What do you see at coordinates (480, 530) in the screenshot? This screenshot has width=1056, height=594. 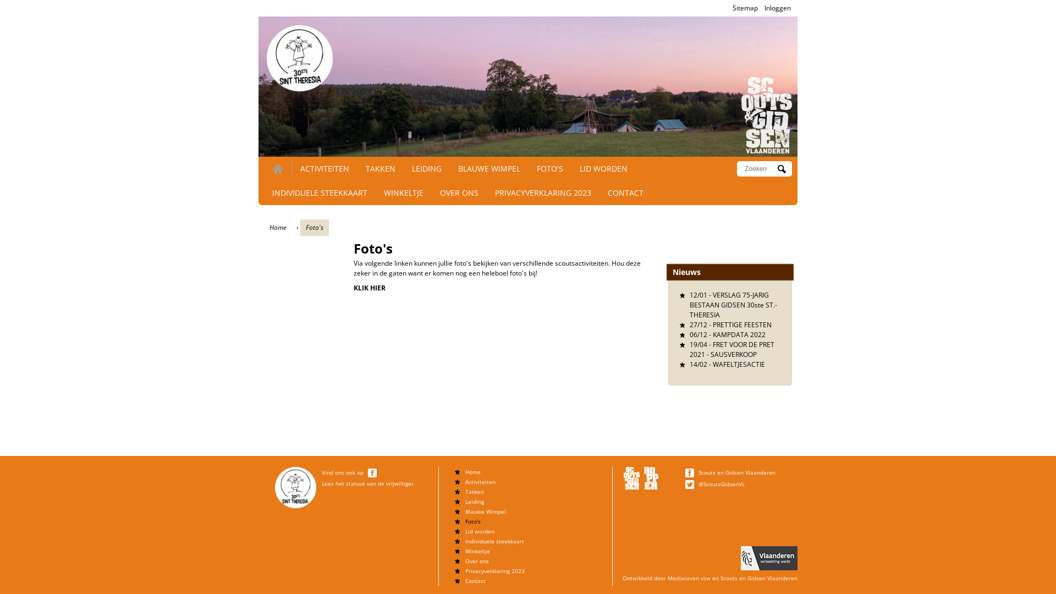 I see `'Lid worden'` at bounding box center [480, 530].